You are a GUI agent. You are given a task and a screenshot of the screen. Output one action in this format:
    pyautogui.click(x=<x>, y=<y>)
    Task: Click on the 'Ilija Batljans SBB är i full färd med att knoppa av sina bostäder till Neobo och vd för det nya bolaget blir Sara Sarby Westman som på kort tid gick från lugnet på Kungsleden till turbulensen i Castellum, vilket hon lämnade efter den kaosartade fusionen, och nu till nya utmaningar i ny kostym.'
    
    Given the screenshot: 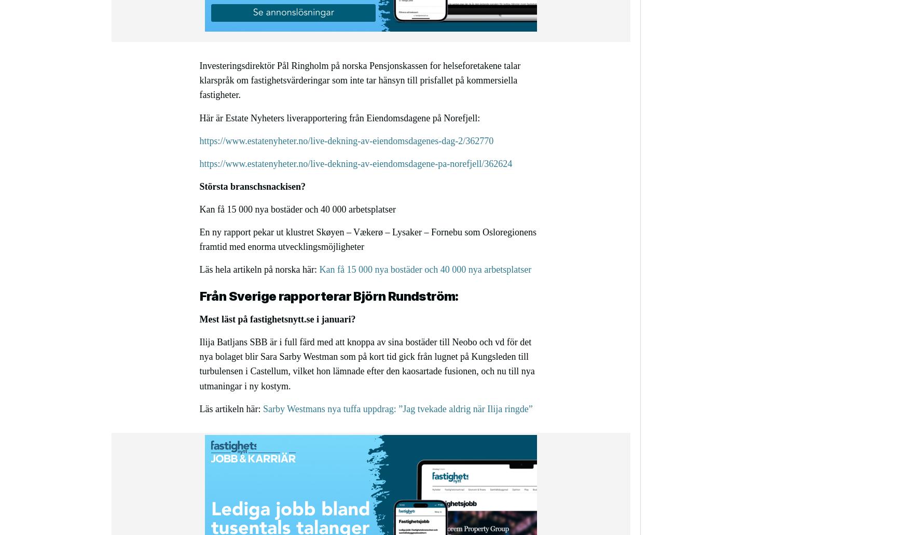 What is the action you would take?
    pyautogui.click(x=367, y=363)
    